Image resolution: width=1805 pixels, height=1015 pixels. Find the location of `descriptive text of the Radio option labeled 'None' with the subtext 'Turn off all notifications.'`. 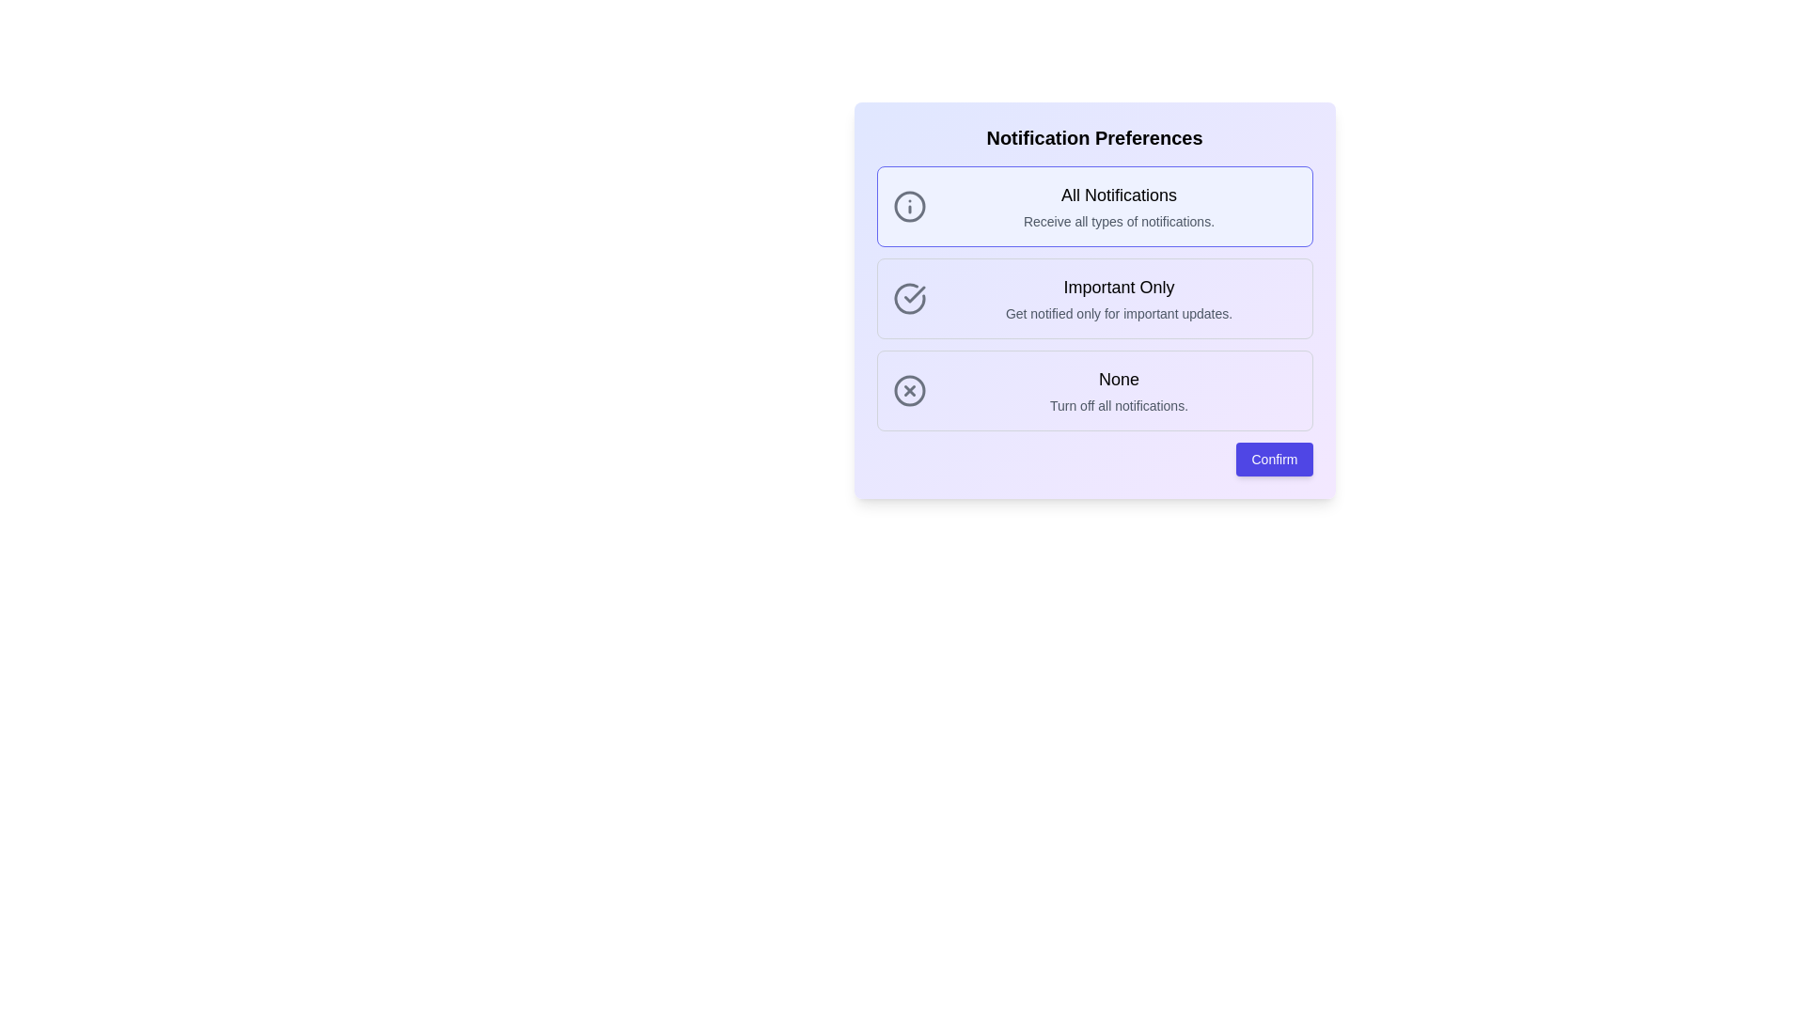

descriptive text of the Radio option labeled 'None' with the subtext 'Turn off all notifications.' is located at coordinates (1094, 390).